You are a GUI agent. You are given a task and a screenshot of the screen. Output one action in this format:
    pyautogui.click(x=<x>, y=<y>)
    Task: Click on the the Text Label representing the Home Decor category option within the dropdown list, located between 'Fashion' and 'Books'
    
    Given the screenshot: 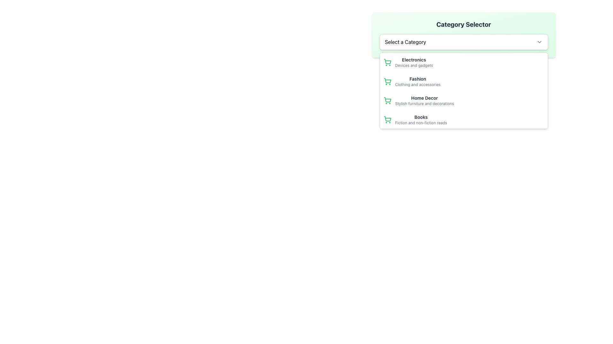 What is the action you would take?
    pyautogui.click(x=424, y=98)
    